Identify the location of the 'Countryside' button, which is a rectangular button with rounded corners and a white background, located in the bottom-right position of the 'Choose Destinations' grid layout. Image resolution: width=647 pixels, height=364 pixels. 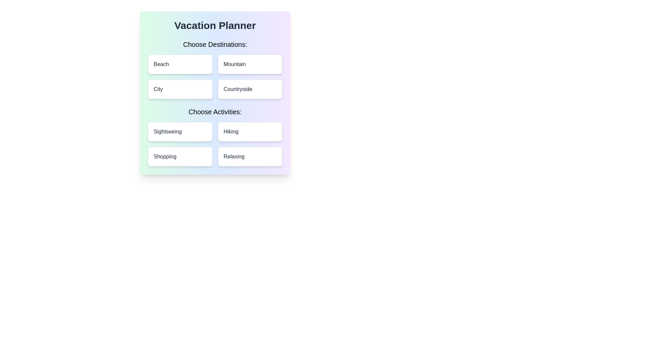
(250, 89).